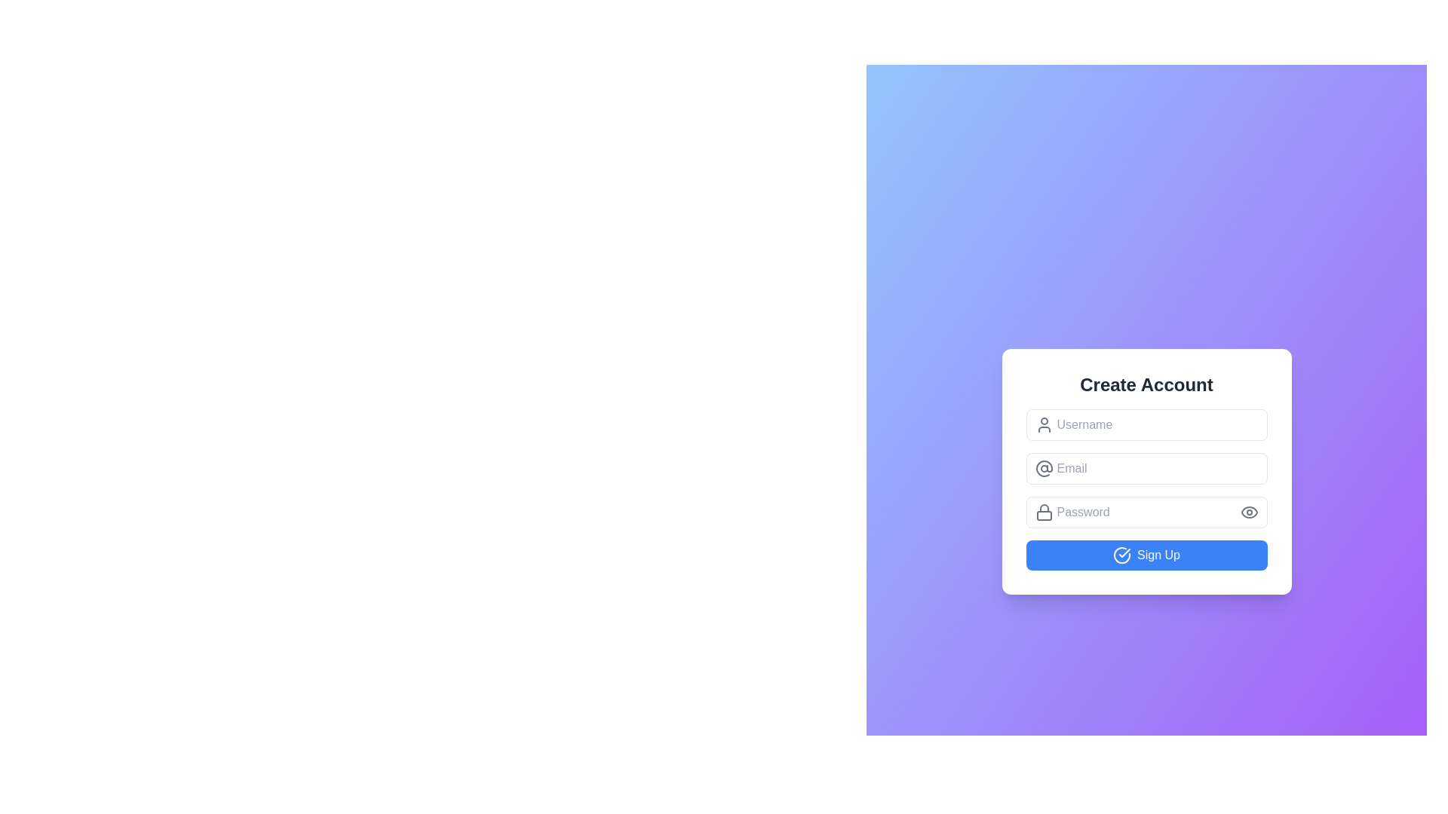  What do you see at coordinates (1043, 467) in the screenshot?
I see `the Decorative Icon associated with the Email input field, located to the left of the text input area` at bounding box center [1043, 467].